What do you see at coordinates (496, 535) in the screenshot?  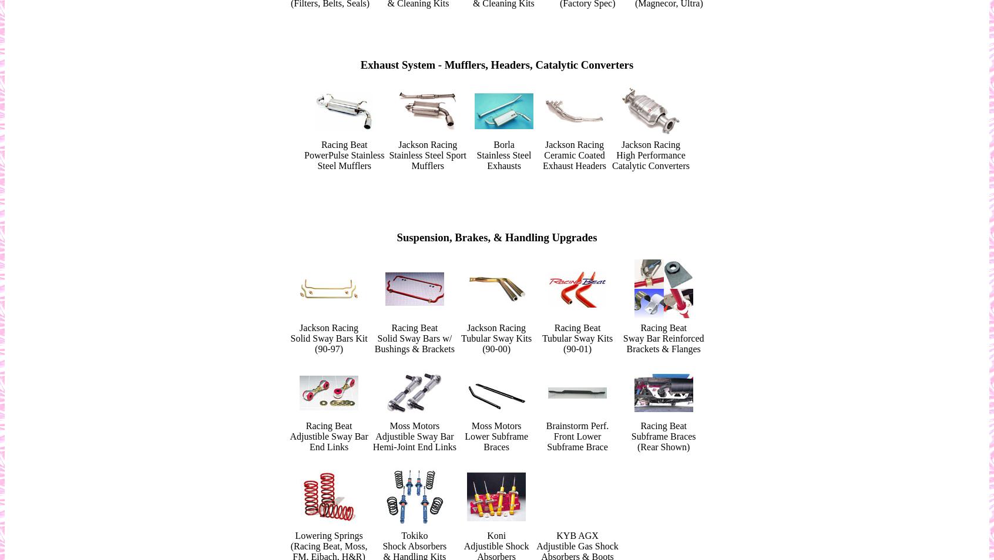 I see `'Koni'` at bounding box center [496, 535].